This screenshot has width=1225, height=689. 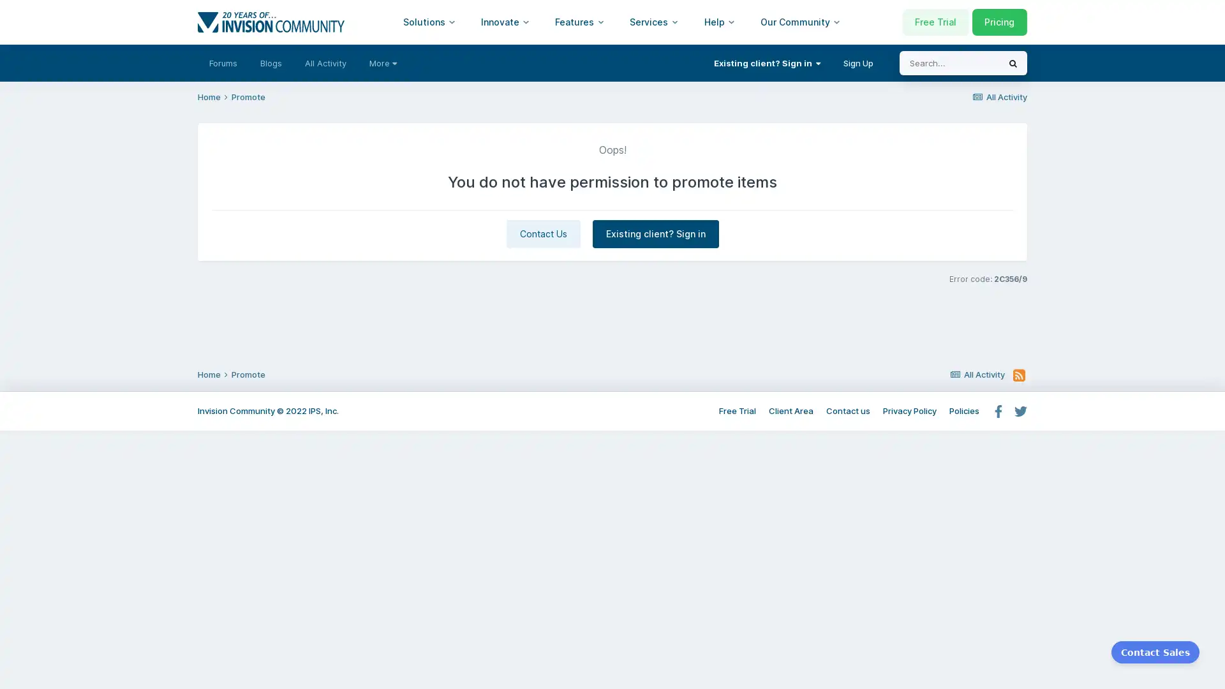 What do you see at coordinates (1013, 63) in the screenshot?
I see `Search` at bounding box center [1013, 63].